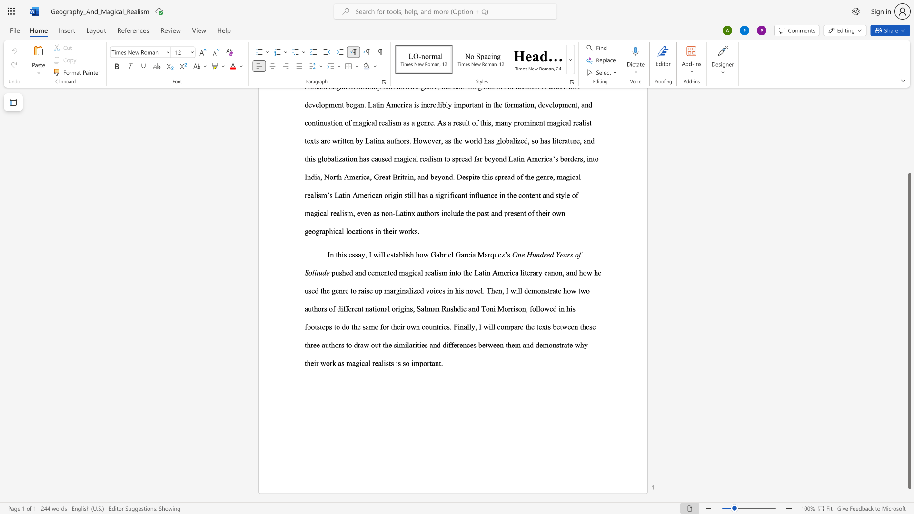 The height and width of the screenshot is (514, 914). Describe the element at coordinates (909, 143) in the screenshot. I see `the scrollbar to move the page up` at that location.